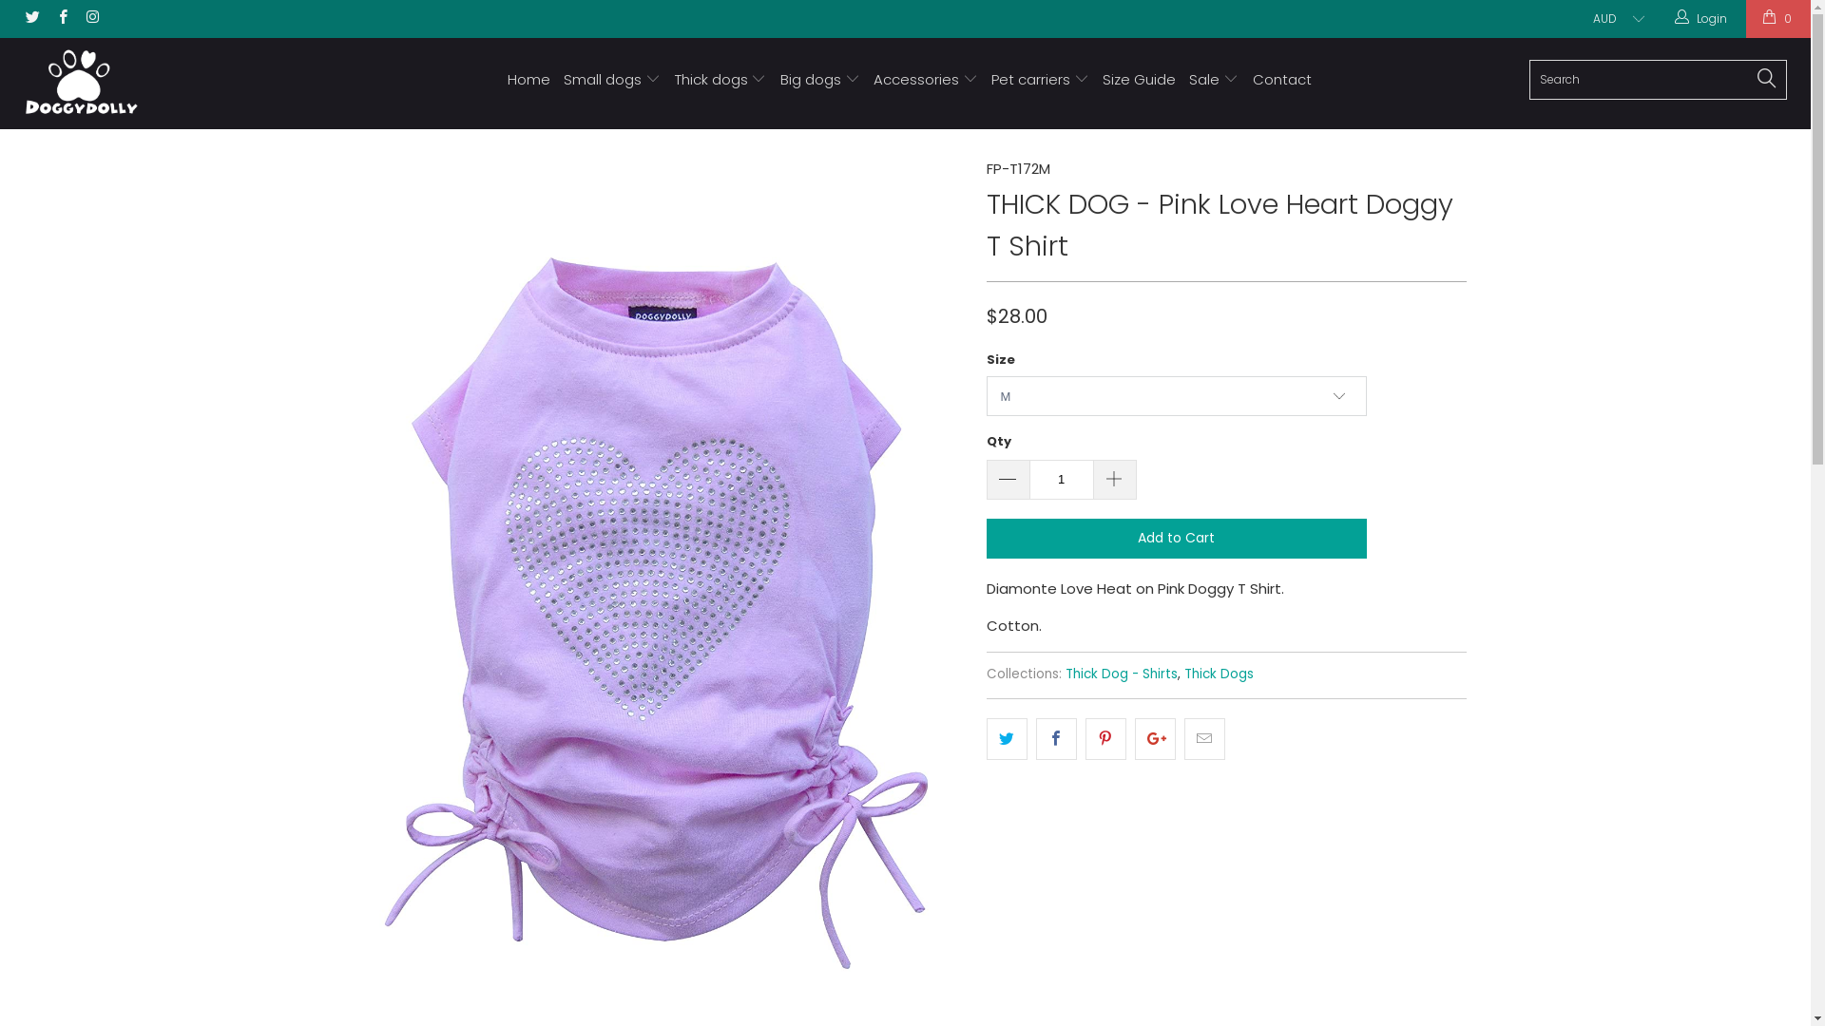 The width and height of the screenshot is (1825, 1026). What do you see at coordinates (61, 18) in the screenshot?
I see `'DoggyDolly Australia & New Zealand on Facebook'` at bounding box center [61, 18].